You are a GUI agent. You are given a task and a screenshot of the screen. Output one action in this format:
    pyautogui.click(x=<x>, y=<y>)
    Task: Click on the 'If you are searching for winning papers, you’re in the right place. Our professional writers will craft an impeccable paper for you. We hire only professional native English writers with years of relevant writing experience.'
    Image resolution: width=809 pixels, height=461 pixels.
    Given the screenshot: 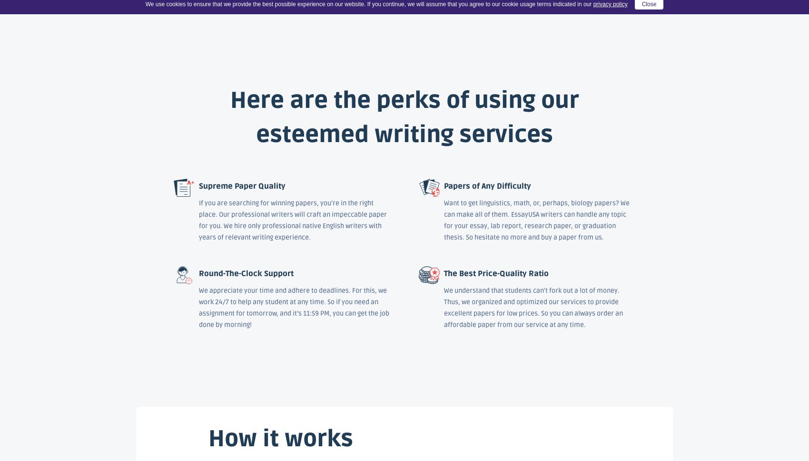 What is the action you would take?
    pyautogui.click(x=292, y=220)
    